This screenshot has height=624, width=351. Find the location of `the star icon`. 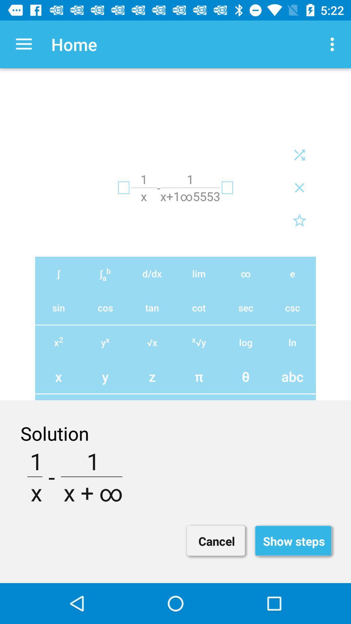

the star icon is located at coordinates (299, 220).